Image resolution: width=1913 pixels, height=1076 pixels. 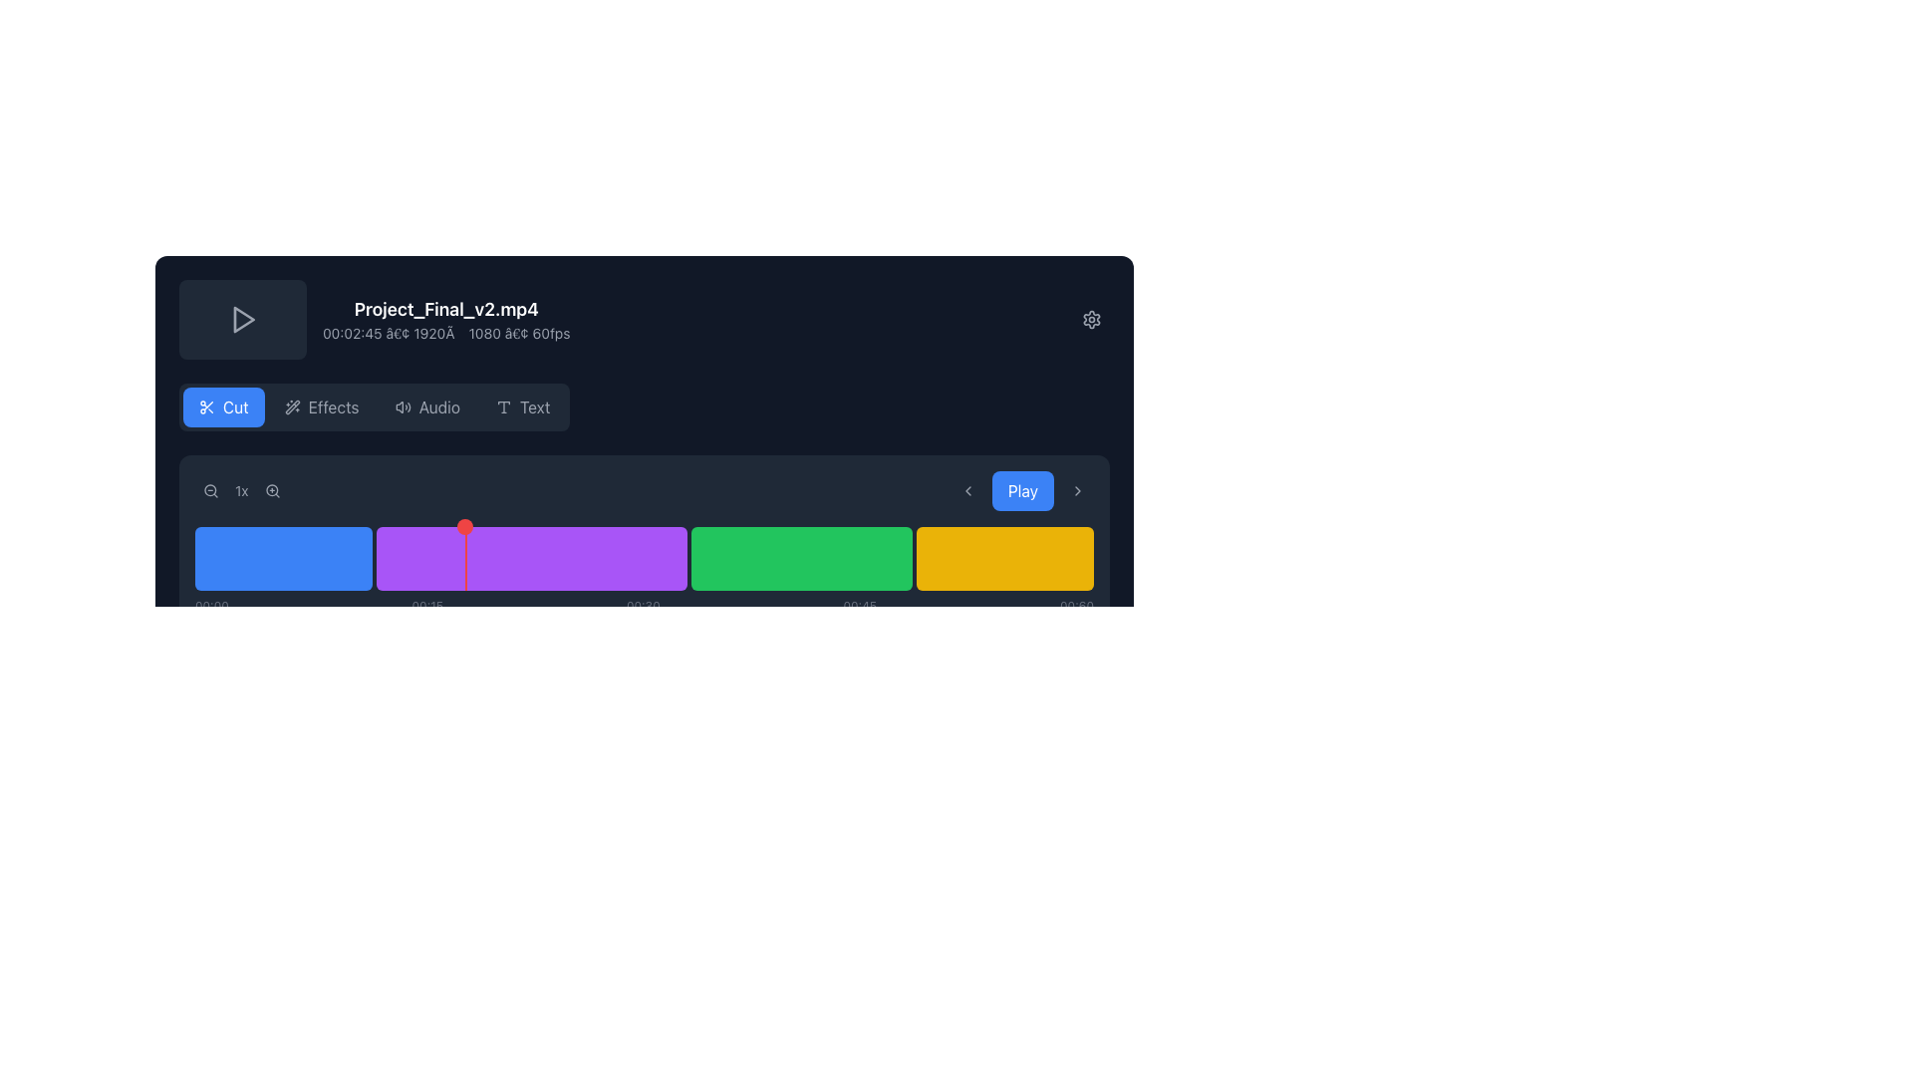 I want to click on the play button on the informational display that shows details about the video file, including title, duration, resolution, and frame rate, so click(x=645, y=318).